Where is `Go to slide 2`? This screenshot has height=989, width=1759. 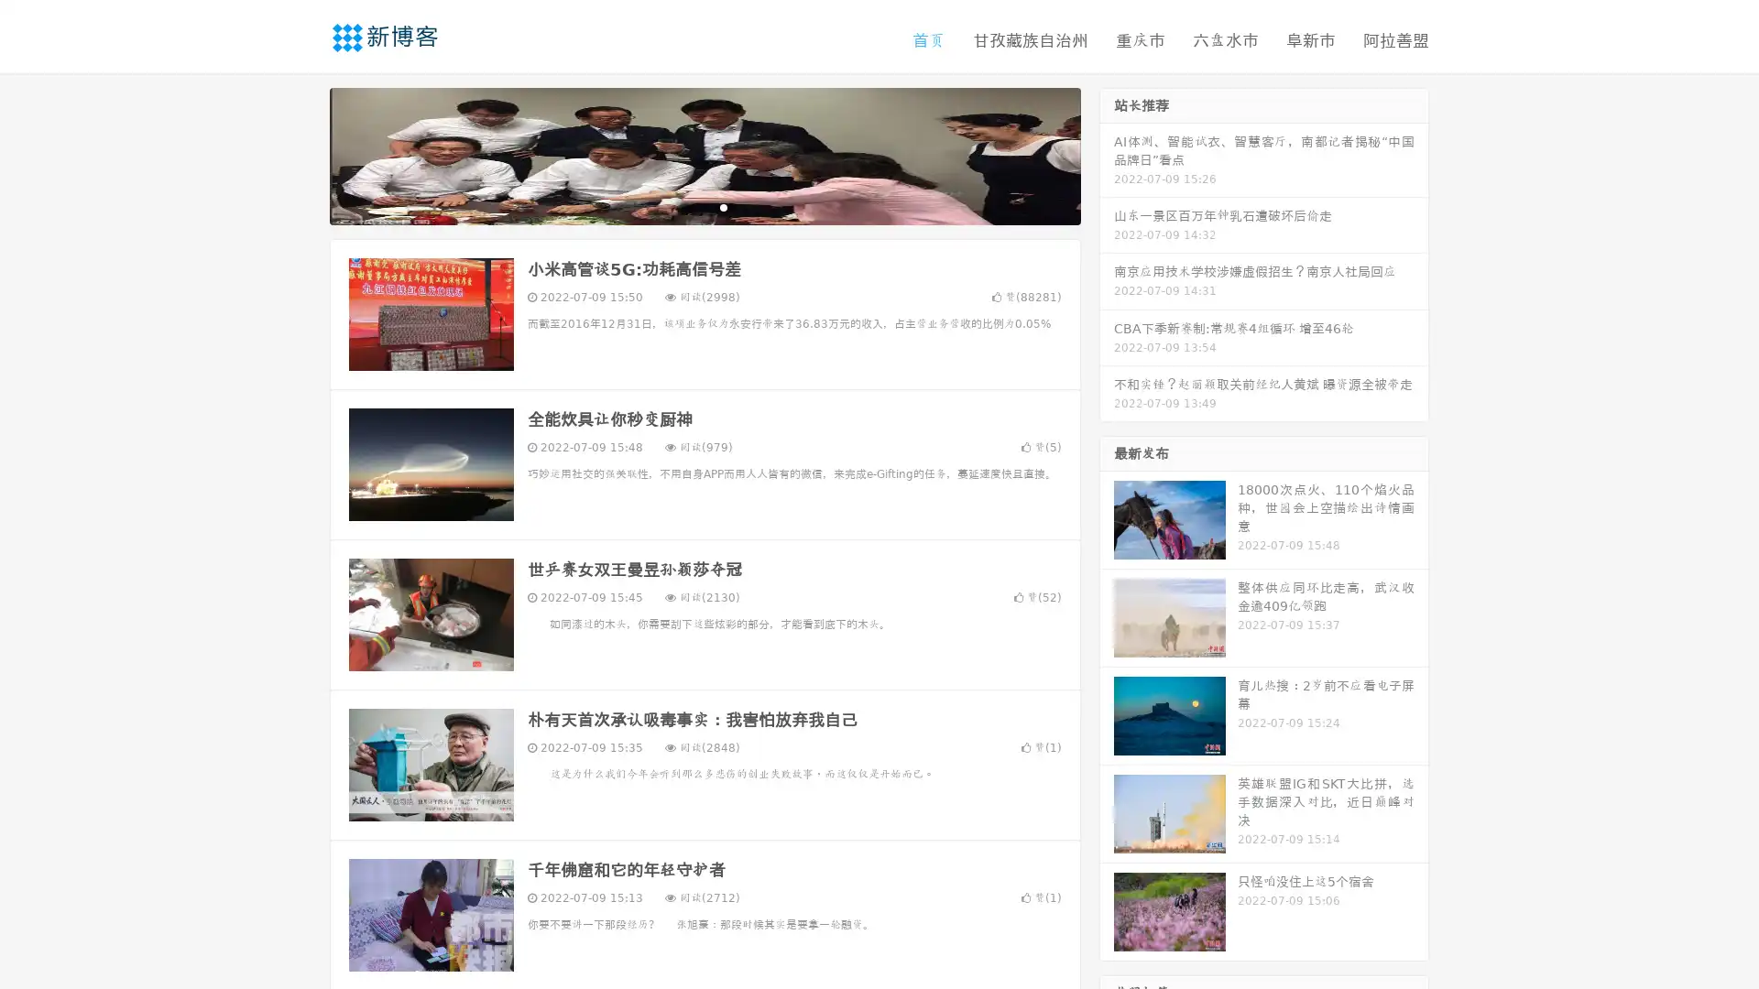 Go to slide 2 is located at coordinates (704, 206).